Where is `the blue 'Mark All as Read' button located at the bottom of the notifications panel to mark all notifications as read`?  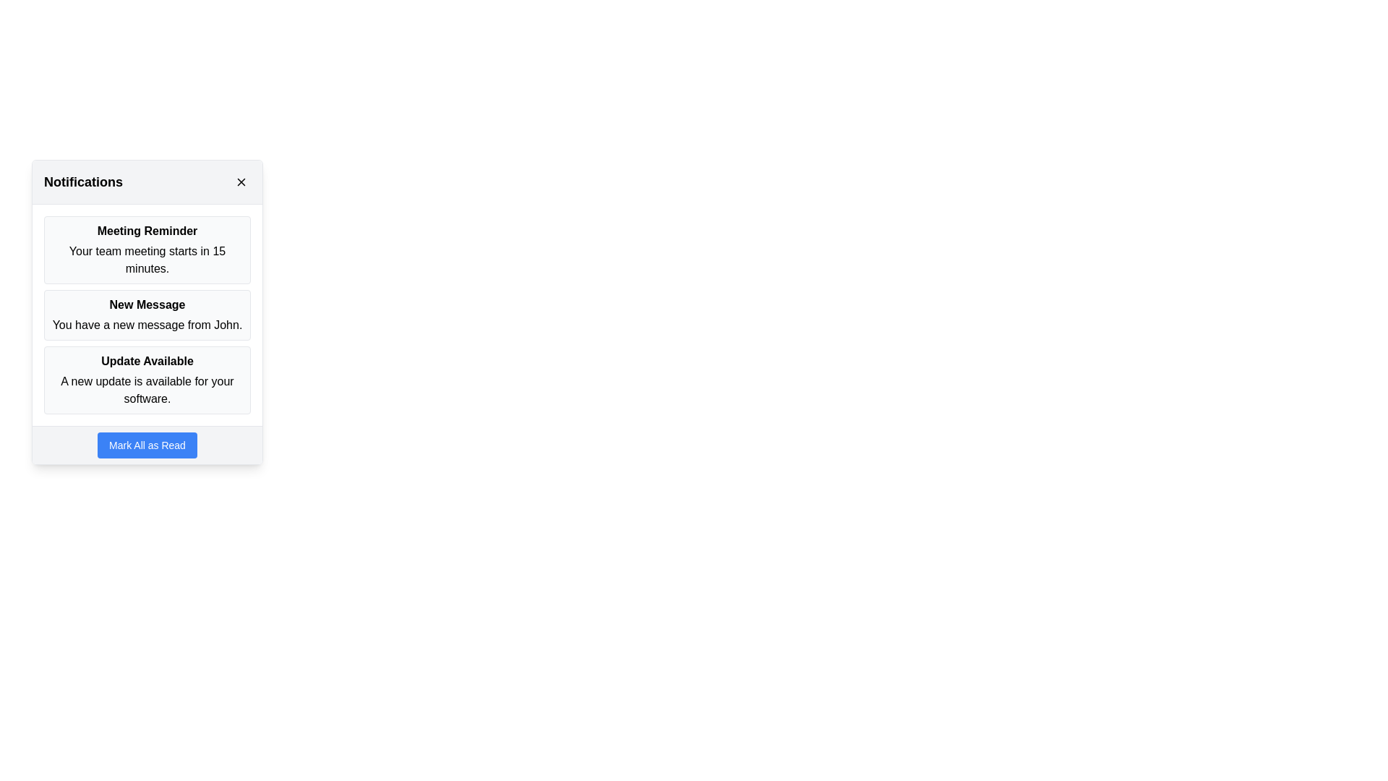 the blue 'Mark All as Read' button located at the bottom of the notifications panel to mark all notifications as read is located at coordinates (147, 443).